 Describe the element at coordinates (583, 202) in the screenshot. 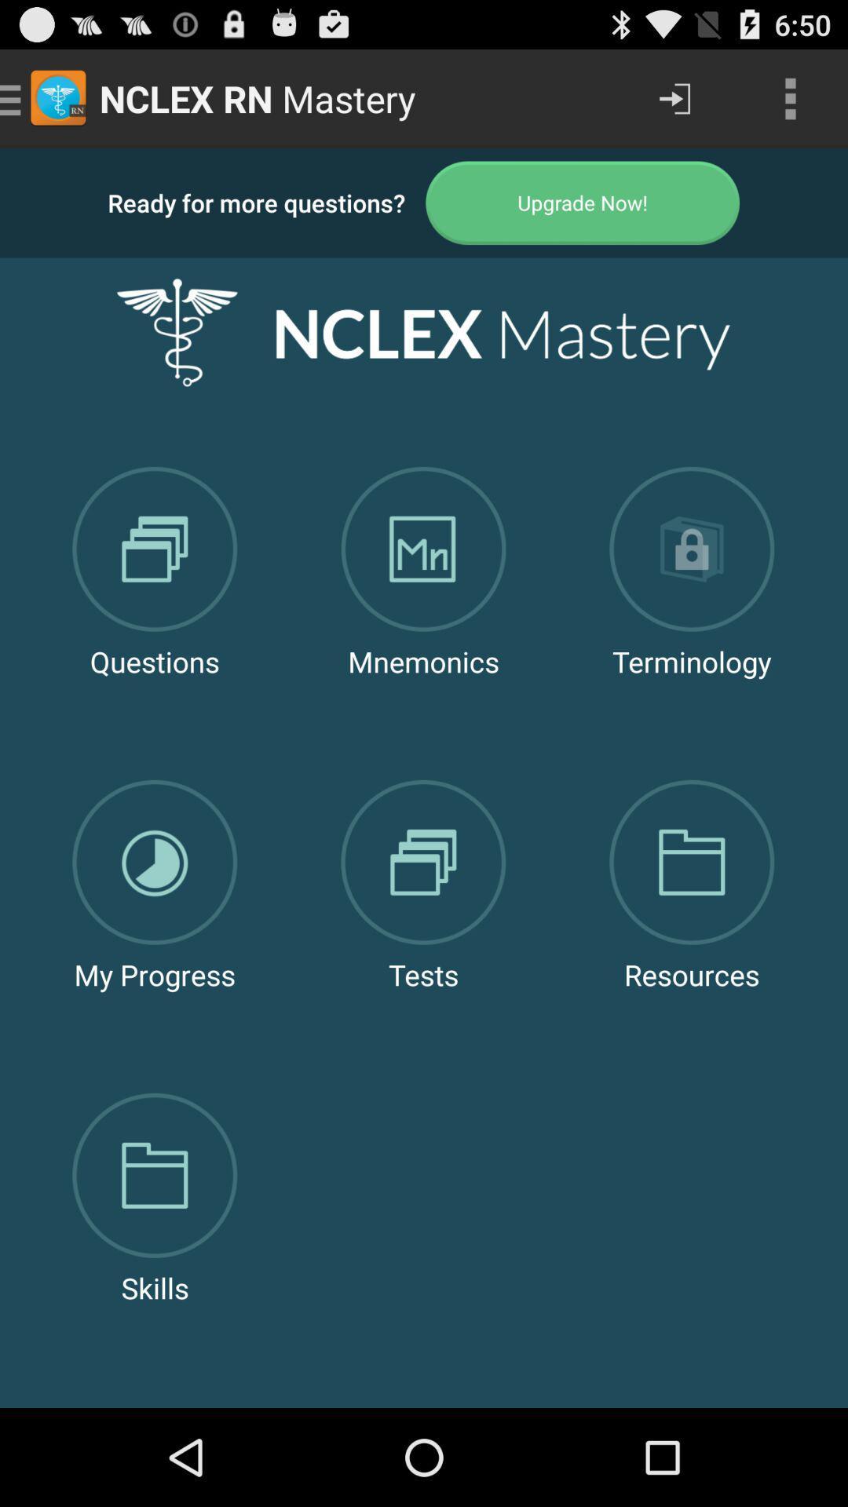

I see `autoplay option` at that location.